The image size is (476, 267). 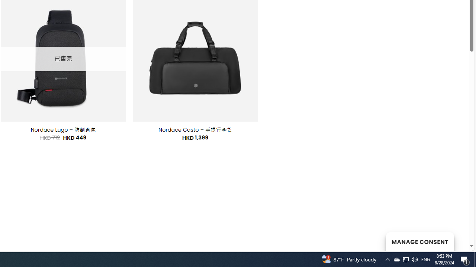 I want to click on 'MANAGE CONSENT', so click(x=419, y=241).